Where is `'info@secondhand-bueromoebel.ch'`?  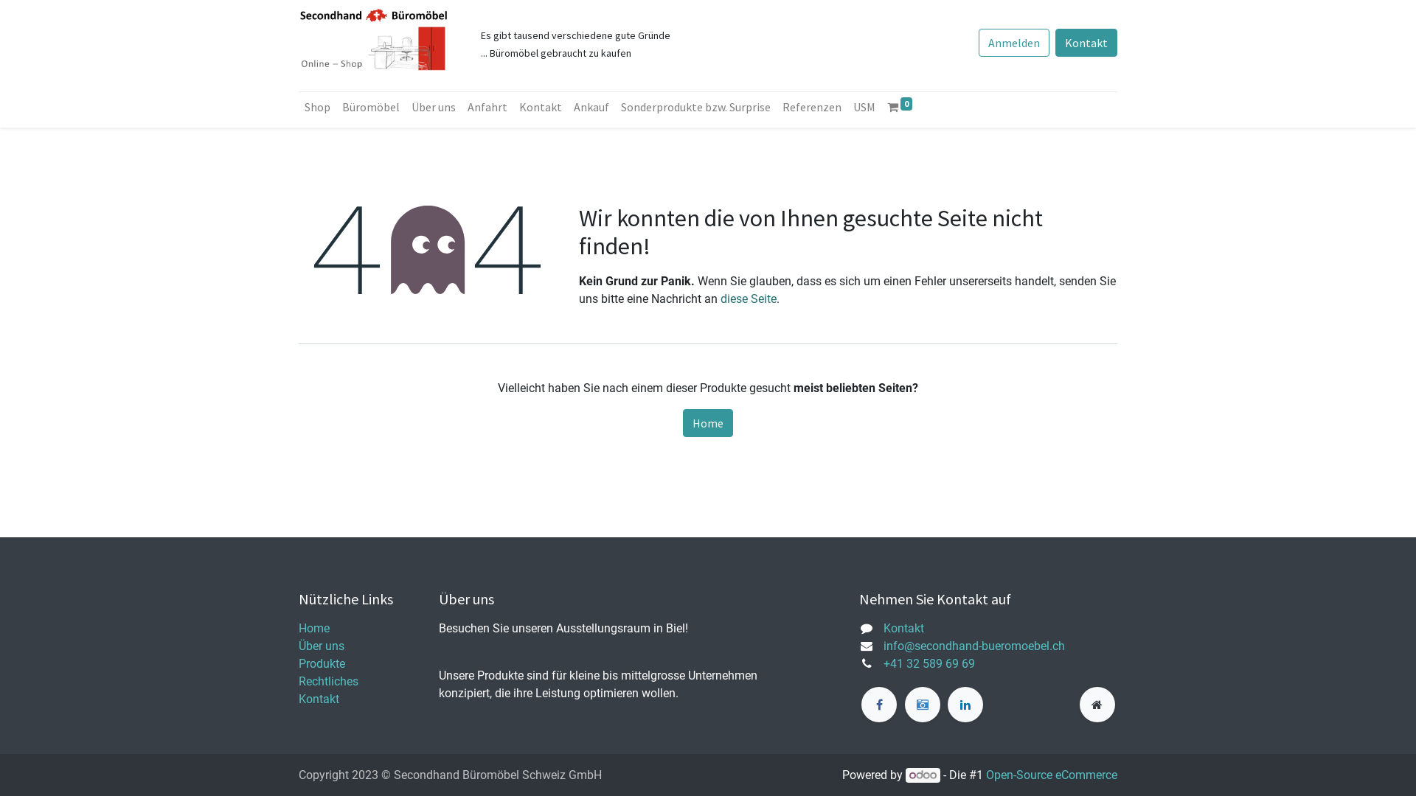
'info@secondhand-bueromoebel.ch' is located at coordinates (974, 645).